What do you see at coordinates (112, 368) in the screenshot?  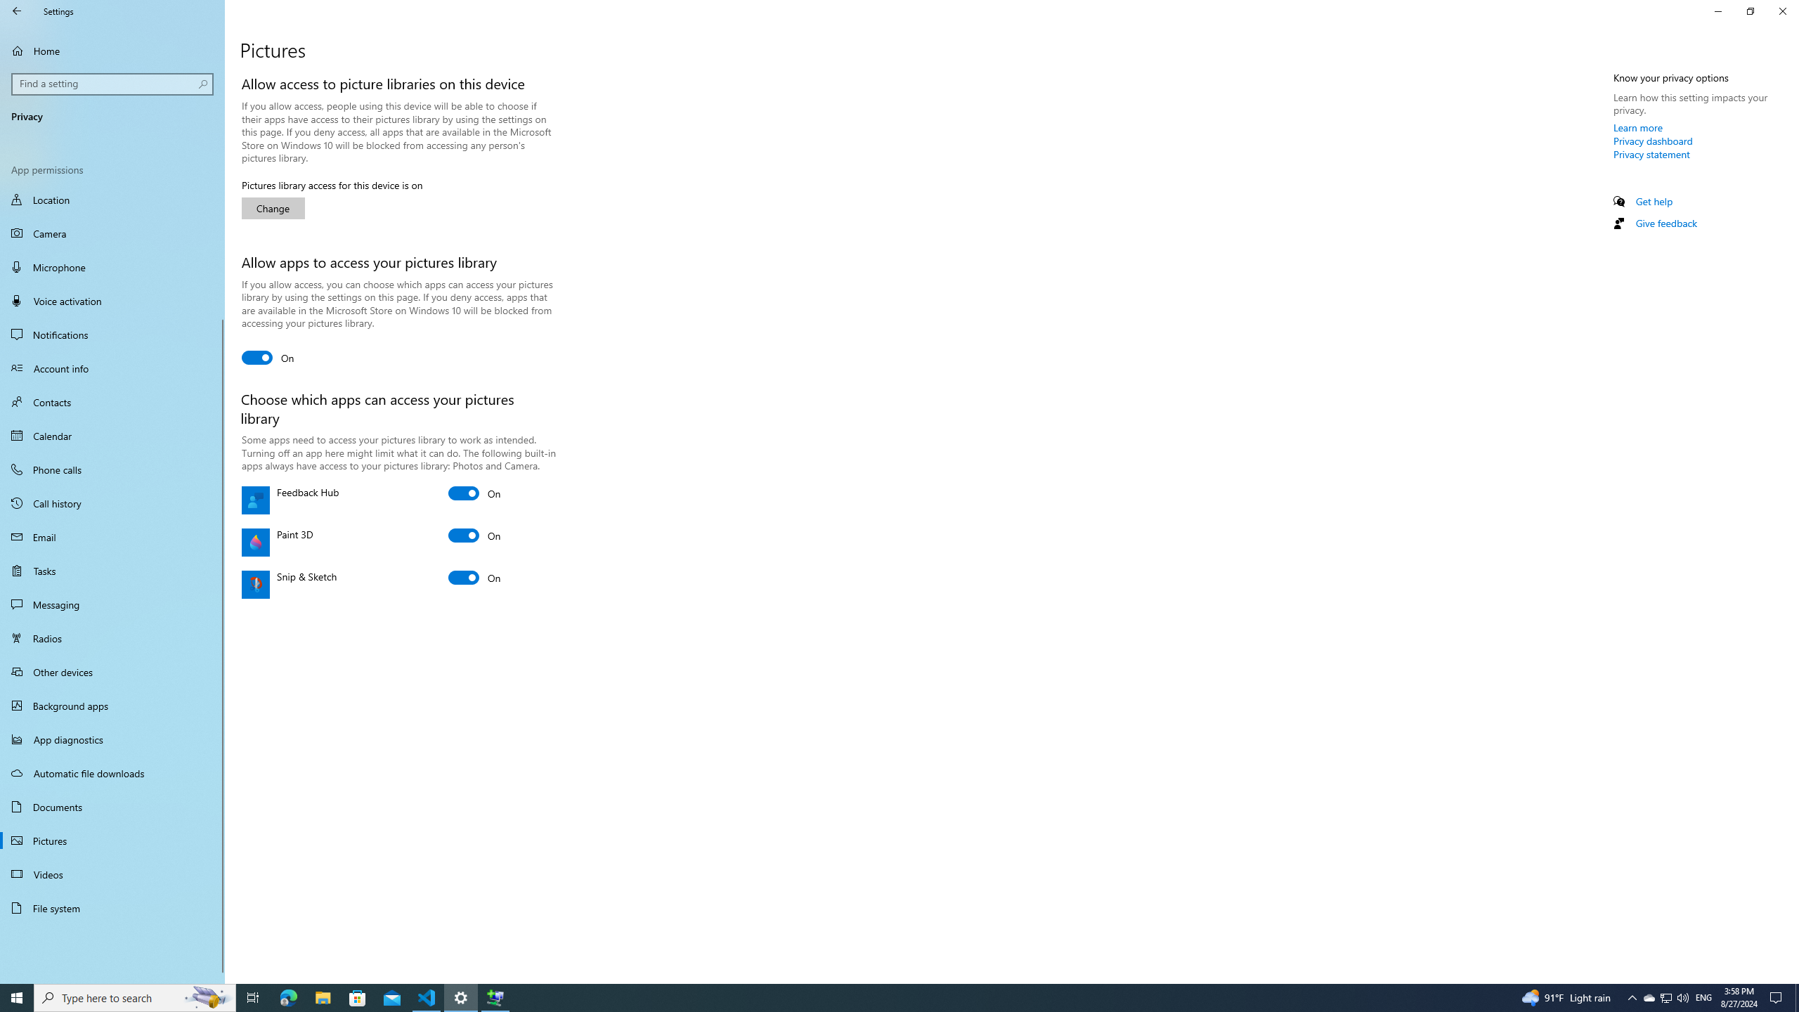 I see `'Account info'` at bounding box center [112, 368].